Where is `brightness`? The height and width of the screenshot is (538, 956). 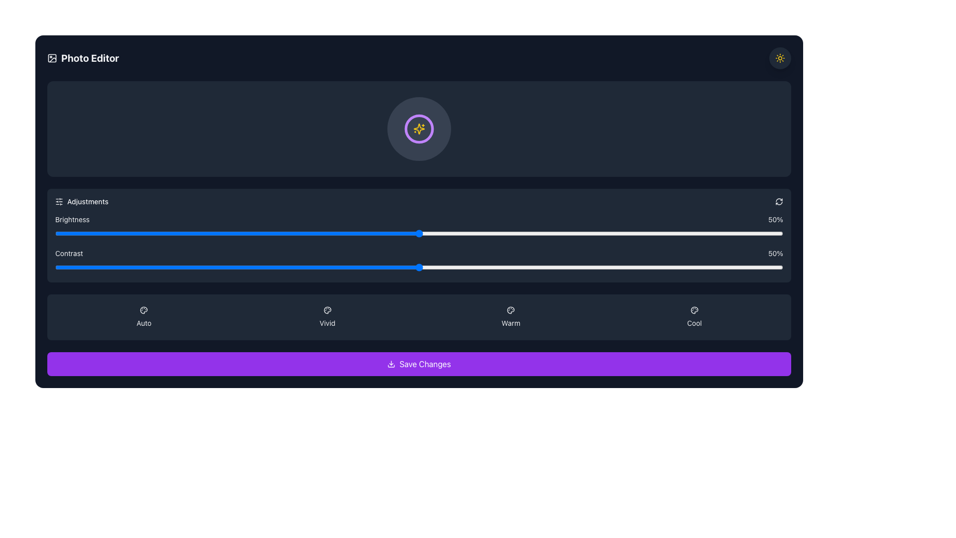 brightness is located at coordinates (404, 234).